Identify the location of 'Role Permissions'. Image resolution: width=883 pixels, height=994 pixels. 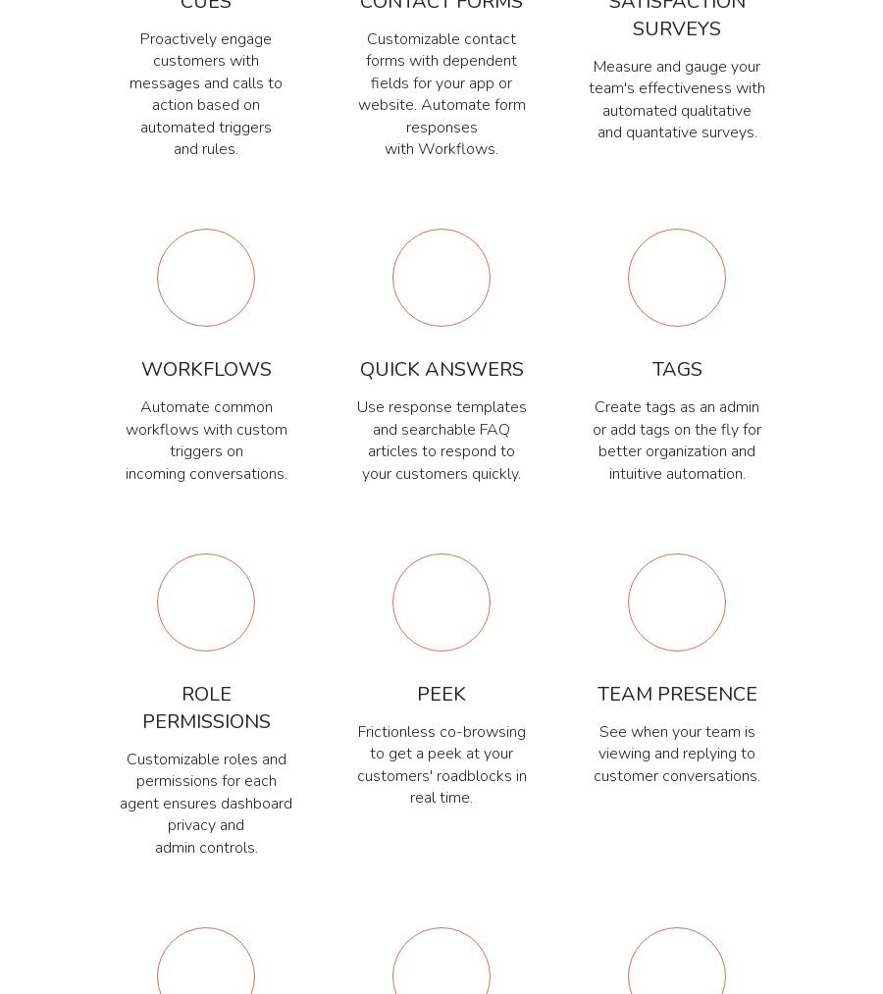
(205, 707).